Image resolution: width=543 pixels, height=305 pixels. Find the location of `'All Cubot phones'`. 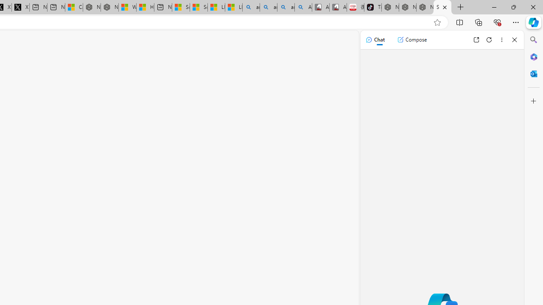

'All Cubot phones' is located at coordinates (337, 7).